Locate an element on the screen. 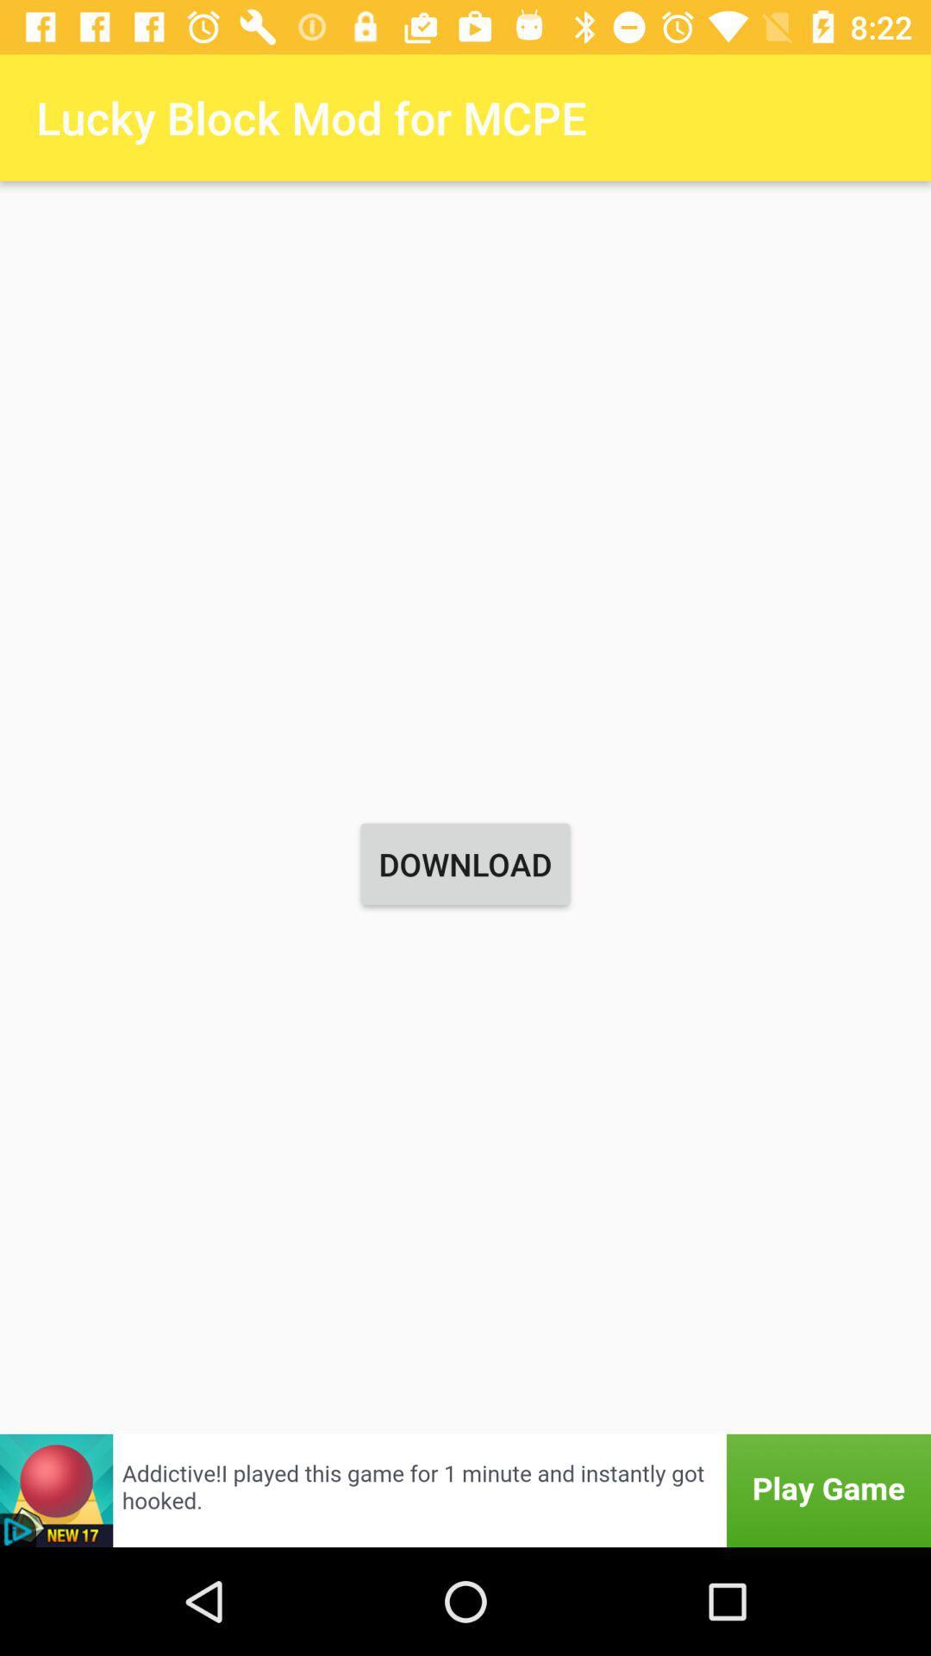 Image resolution: width=931 pixels, height=1656 pixels. this game is located at coordinates (465, 1490).